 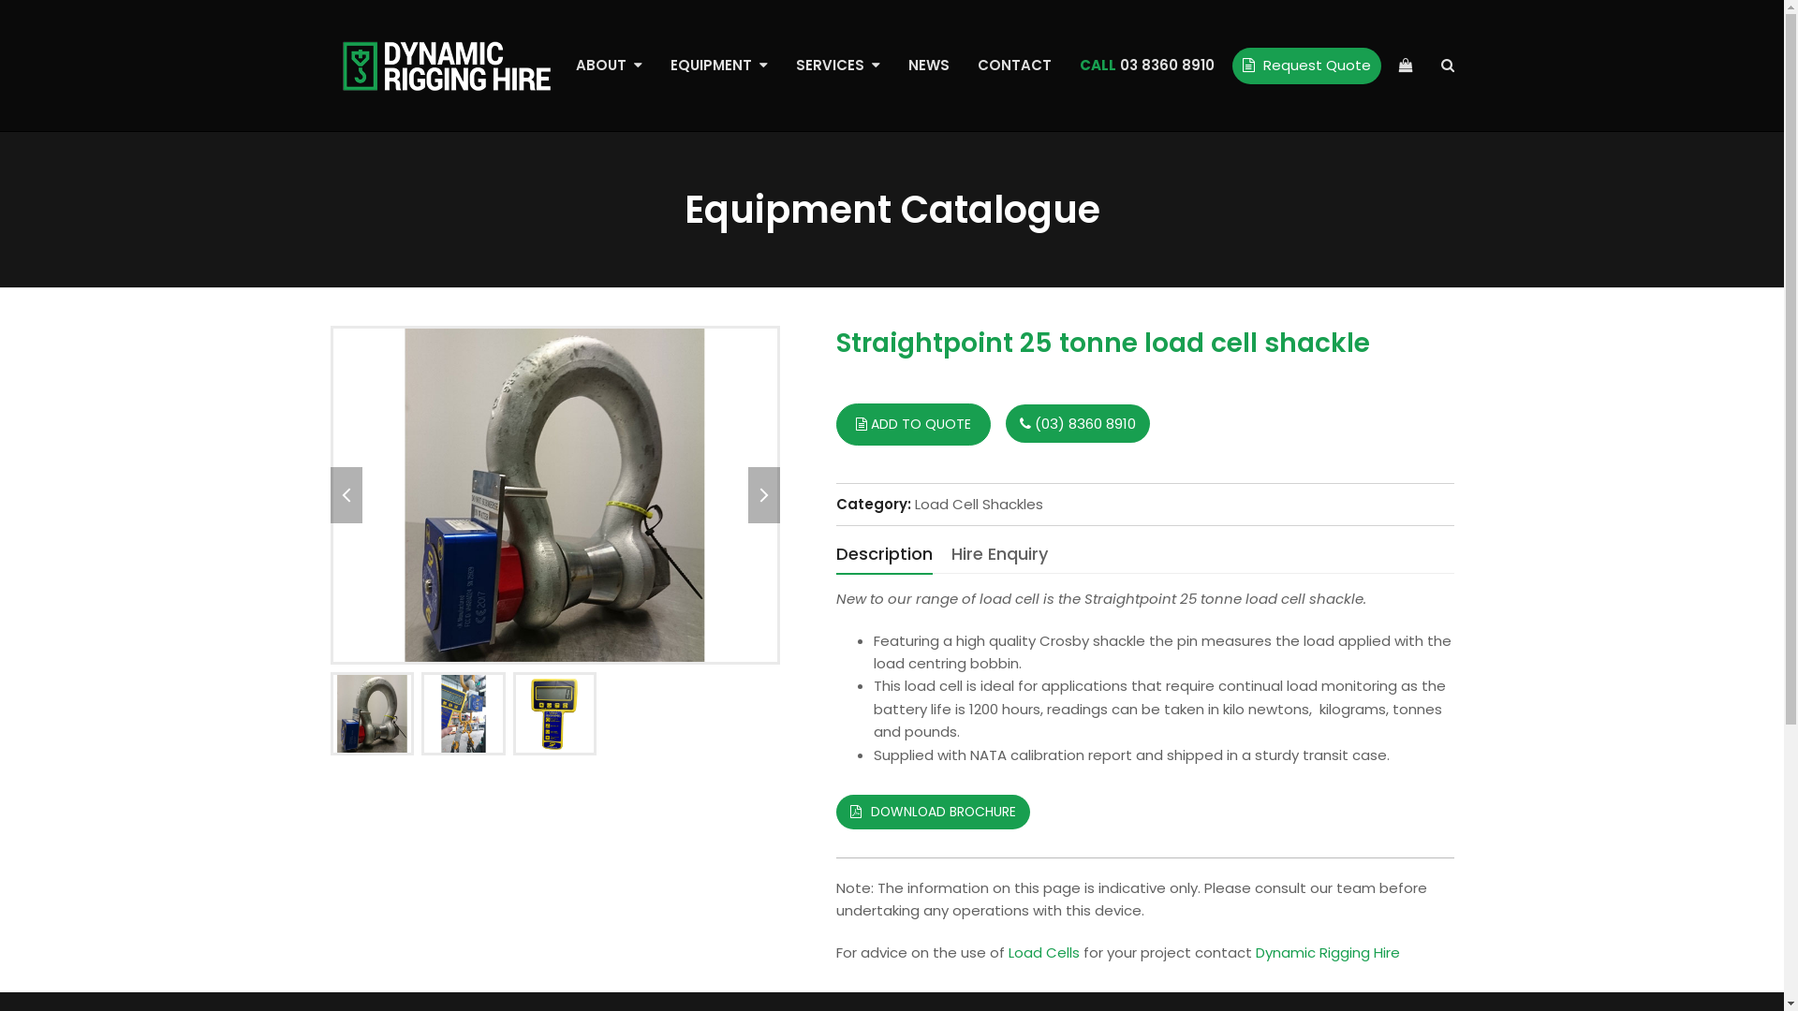 What do you see at coordinates (1006, 952) in the screenshot?
I see `'Load Cells'` at bounding box center [1006, 952].